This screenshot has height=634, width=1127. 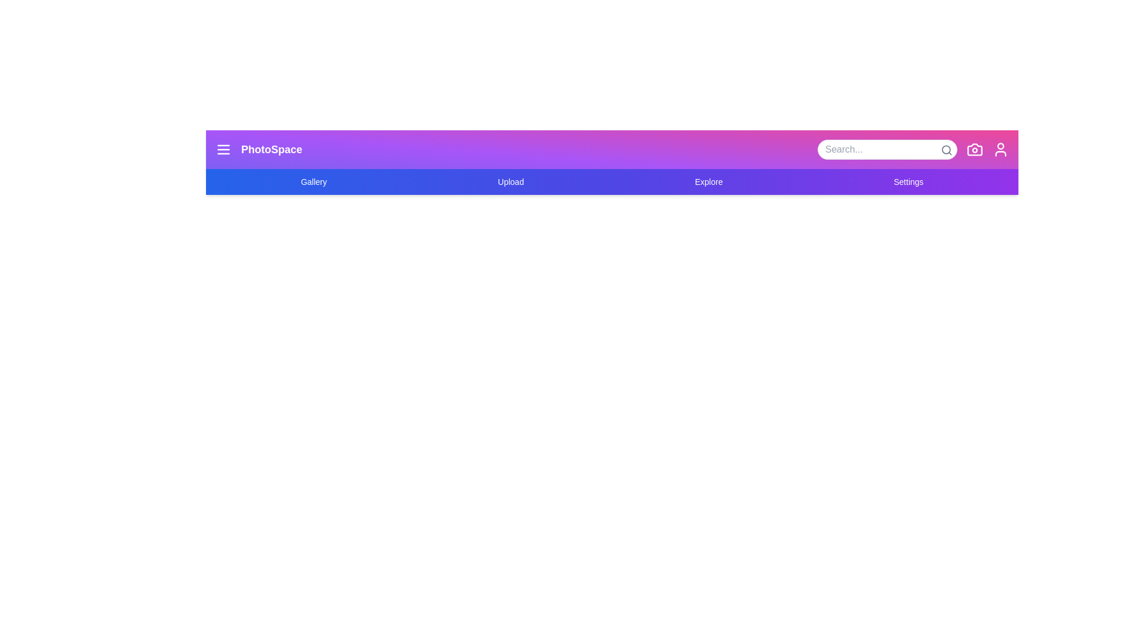 I want to click on the navigation link Settings, so click(x=908, y=181).